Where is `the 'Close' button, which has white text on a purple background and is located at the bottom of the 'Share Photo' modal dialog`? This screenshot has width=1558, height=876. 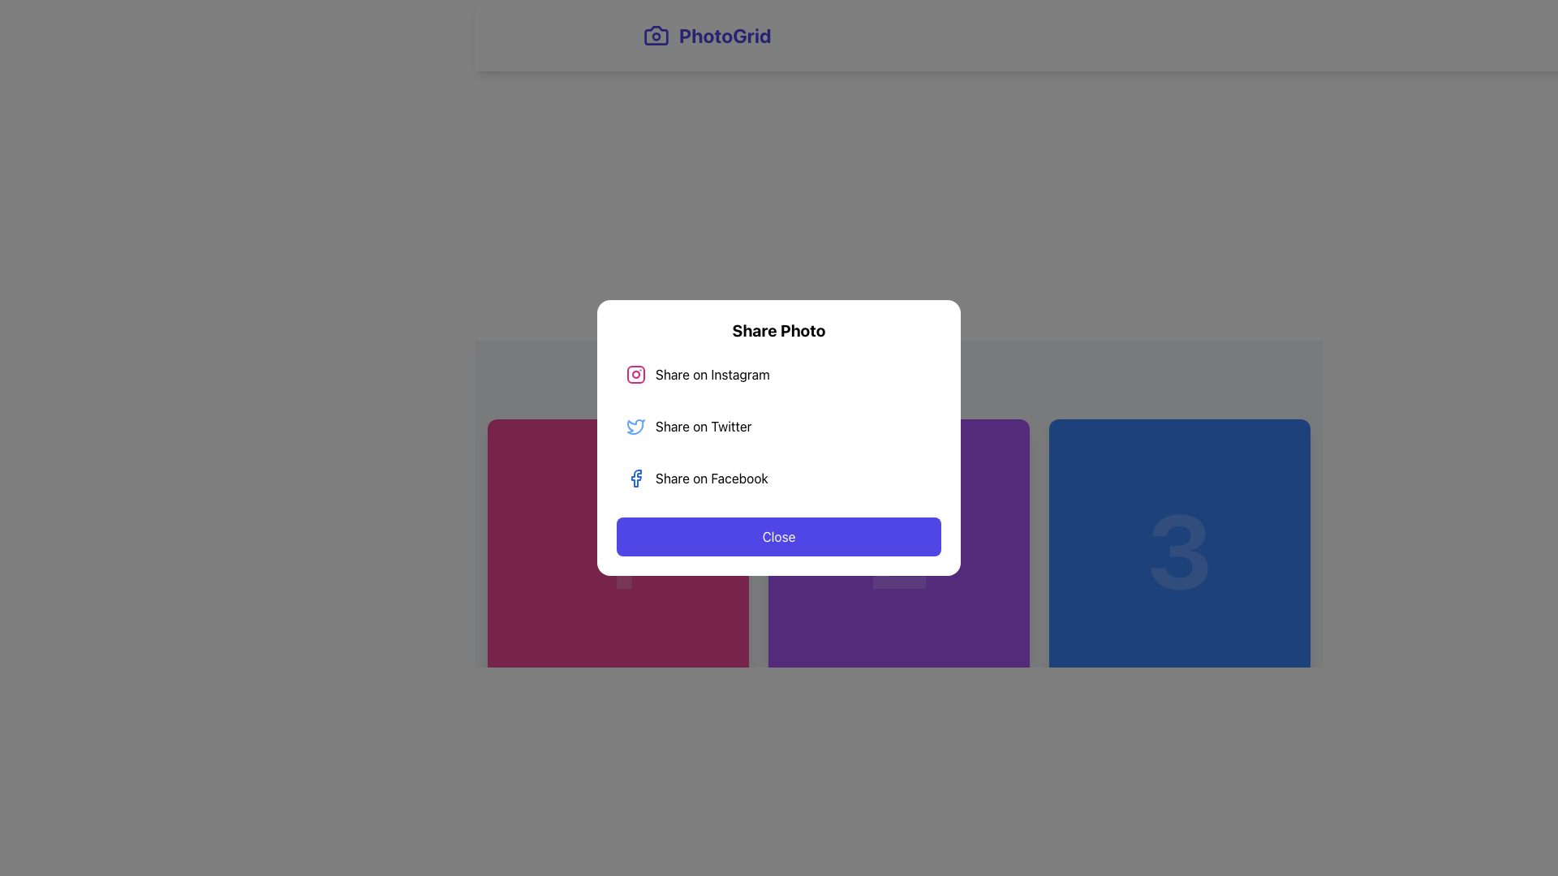 the 'Close' button, which has white text on a purple background and is located at the bottom of the 'Share Photo' modal dialog is located at coordinates (779, 537).